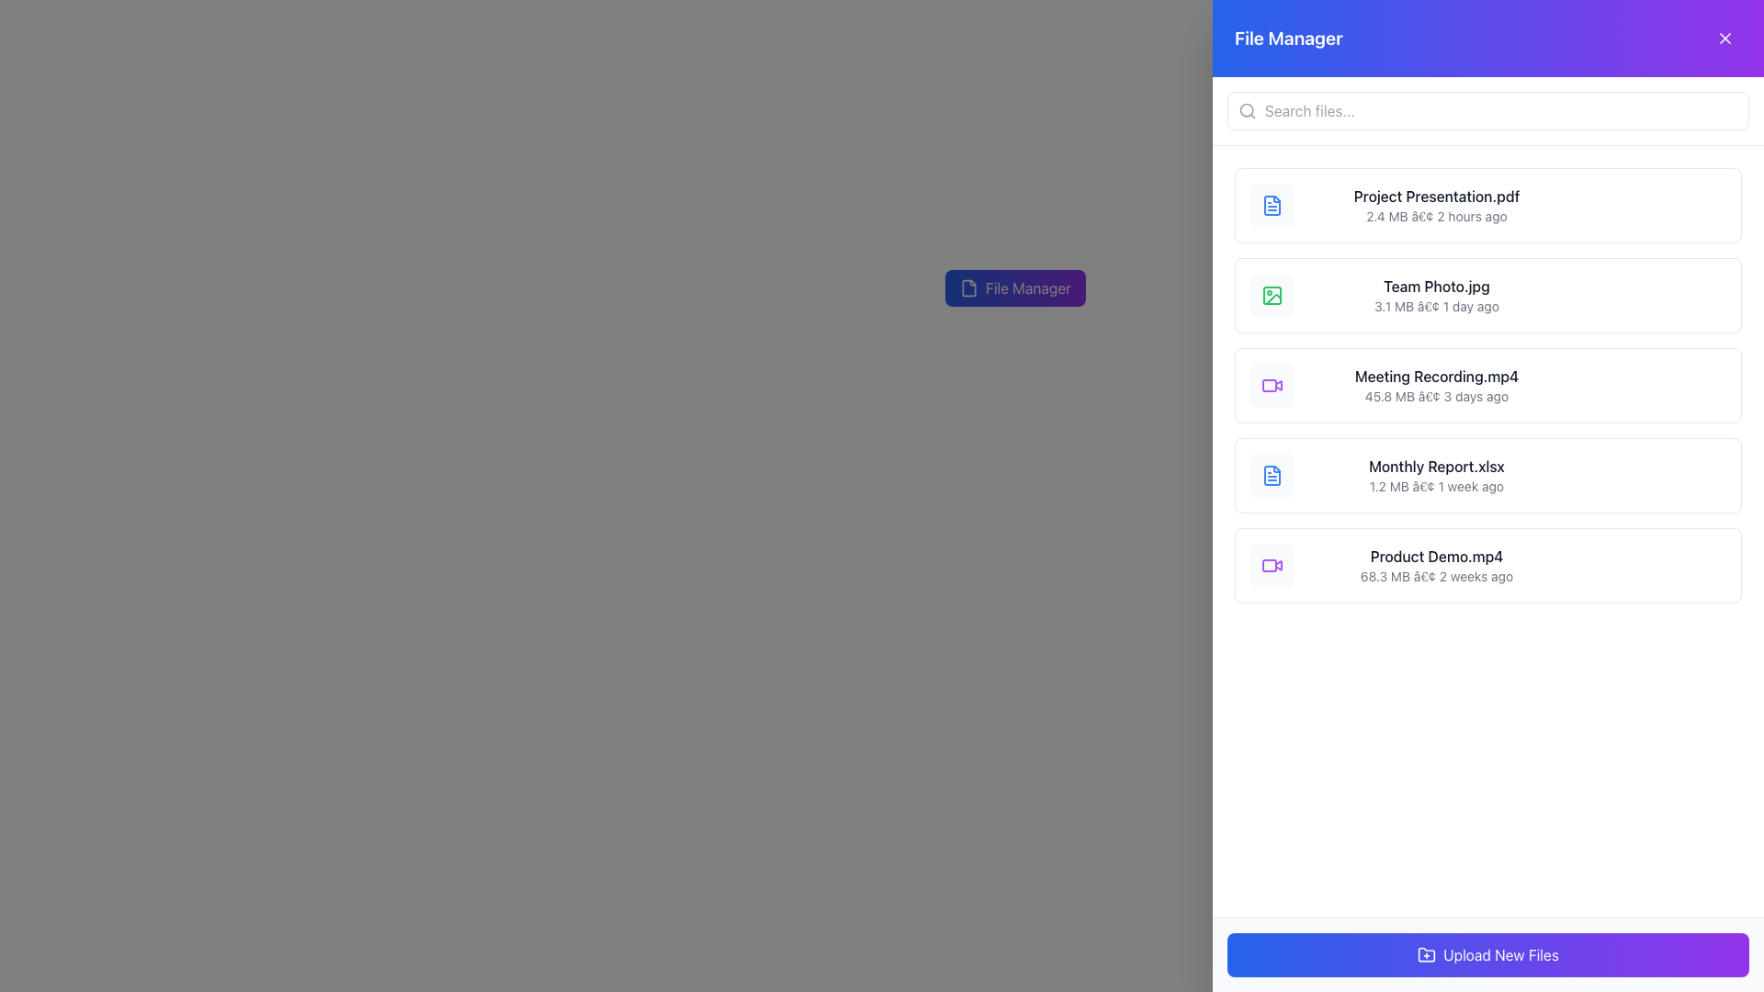 The width and height of the screenshot is (1764, 992). Describe the element at coordinates (1633, 205) in the screenshot. I see `the download button located to the right of the 'Project Presentation.pdf' entry to initiate the download of the file` at that location.